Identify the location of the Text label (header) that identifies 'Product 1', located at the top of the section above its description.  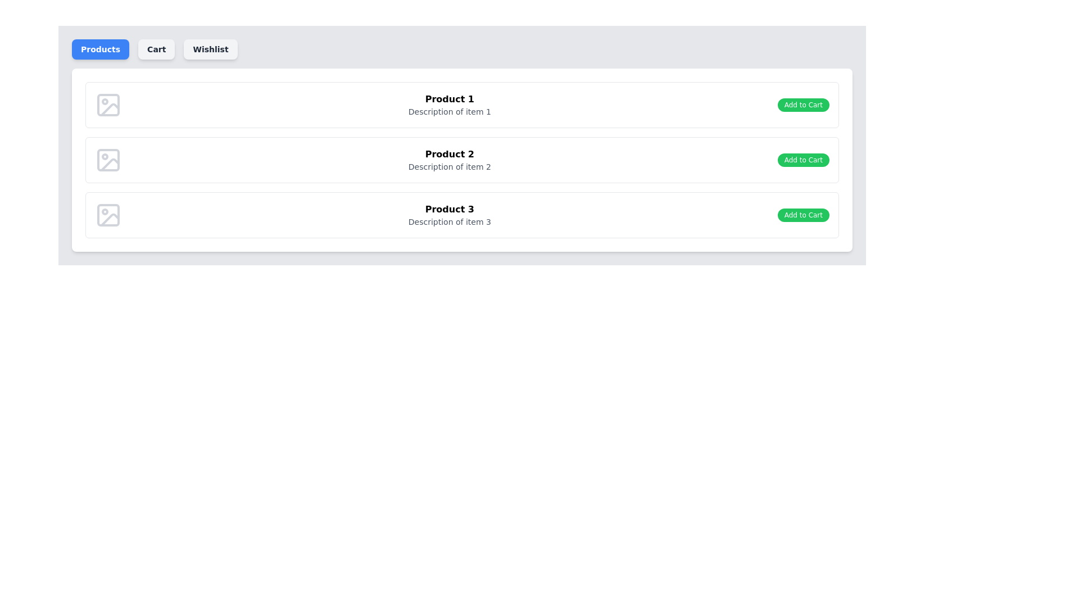
(450, 99).